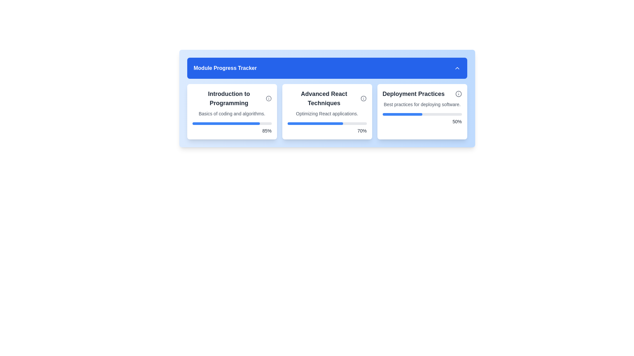  Describe the element at coordinates (315, 123) in the screenshot. I see `the progress indicator representing 70% completion of the 'Advanced React Techniques' task` at that location.